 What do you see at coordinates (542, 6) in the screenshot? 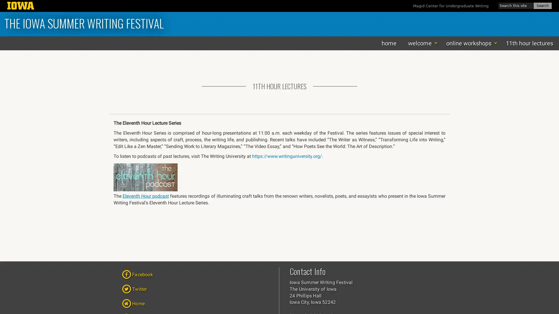
I see `Search` at bounding box center [542, 6].